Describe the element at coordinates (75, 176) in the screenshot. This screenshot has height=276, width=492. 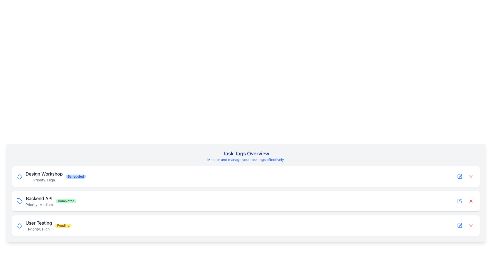
I see `the status label indicating that the associated task is scheduled, located at the end of the first row in the task list adjacent to 'Design Workshop' and above 'Backend API'` at that location.